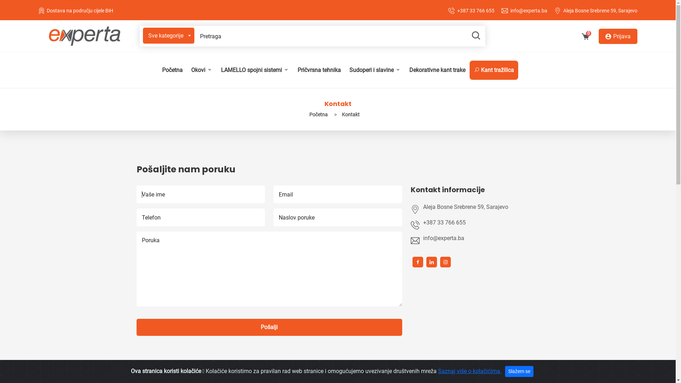 This screenshot has height=383, width=681. Describe the element at coordinates (478, 222) in the screenshot. I see `'+387 33 766 655'` at that location.